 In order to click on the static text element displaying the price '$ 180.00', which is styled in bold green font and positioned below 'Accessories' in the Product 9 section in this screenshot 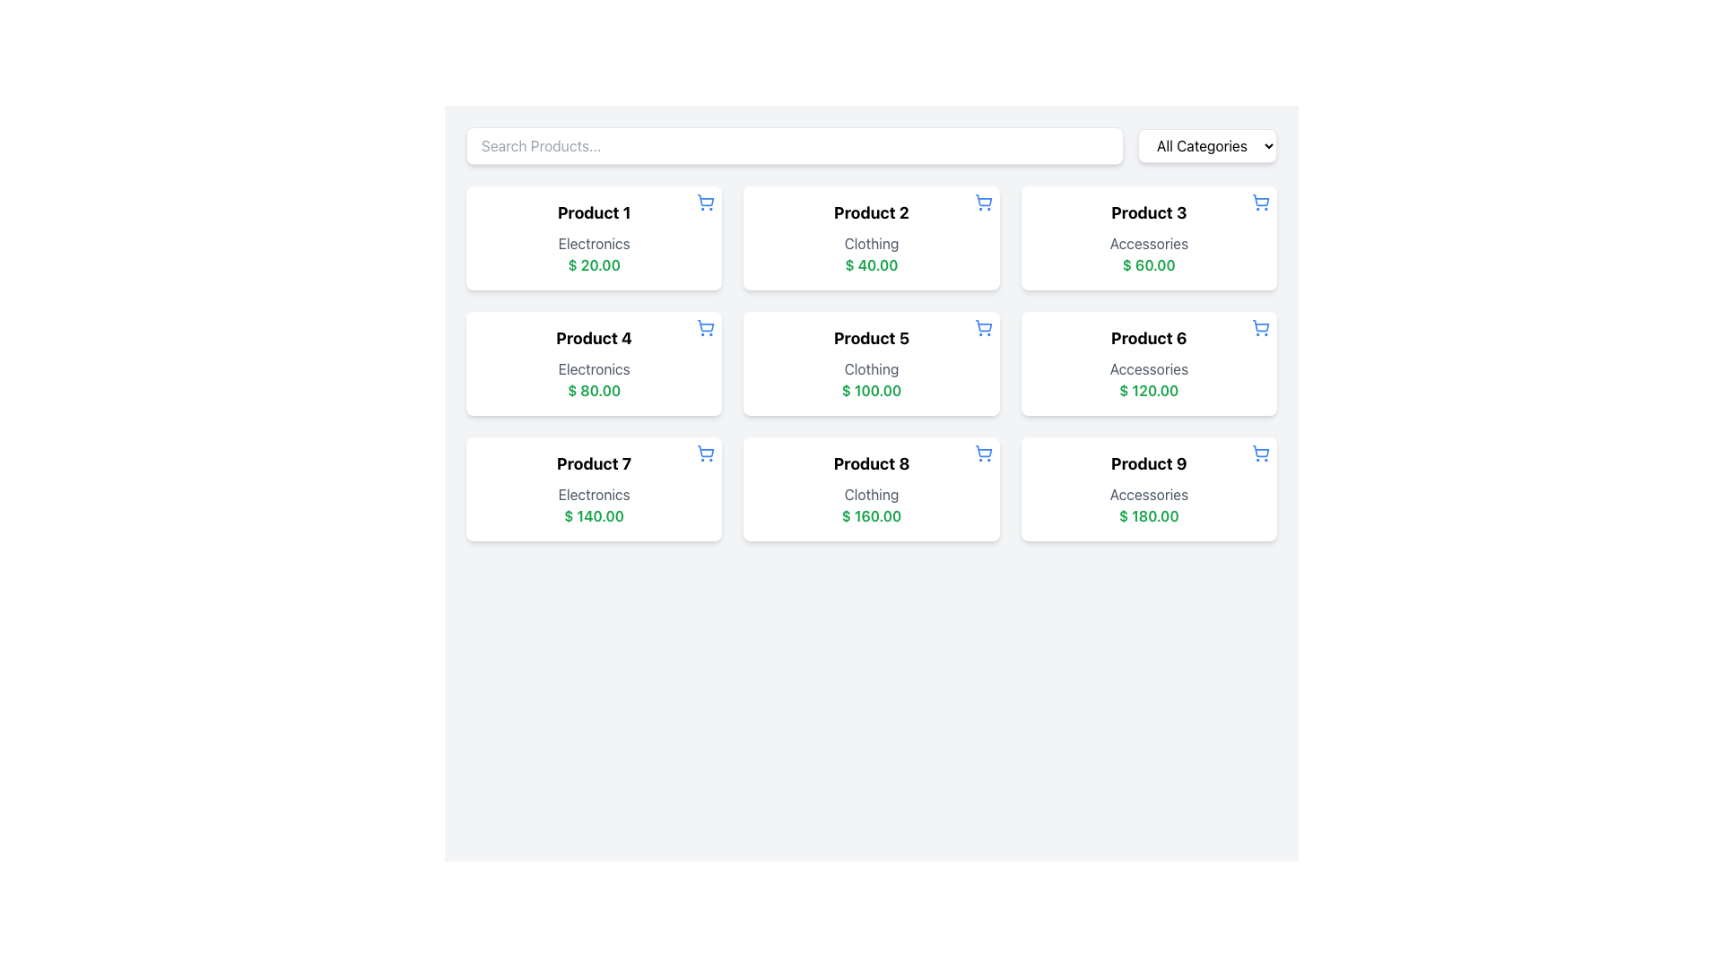, I will do `click(1149, 515)`.